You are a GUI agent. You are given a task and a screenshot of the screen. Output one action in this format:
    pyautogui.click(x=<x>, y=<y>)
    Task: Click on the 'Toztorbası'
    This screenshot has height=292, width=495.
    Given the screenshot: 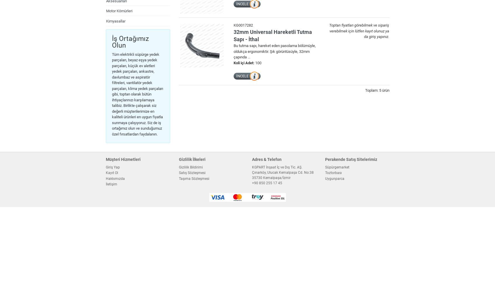 What is the action you would take?
    pyautogui.click(x=325, y=173)
    